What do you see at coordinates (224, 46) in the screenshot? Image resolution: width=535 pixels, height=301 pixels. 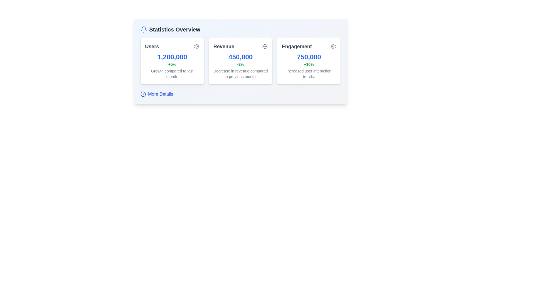 I see `text label that serves as a header for the section elaborating on revenue statistics, positioned to the left of a settings icon` at bounding box center [224, 46].